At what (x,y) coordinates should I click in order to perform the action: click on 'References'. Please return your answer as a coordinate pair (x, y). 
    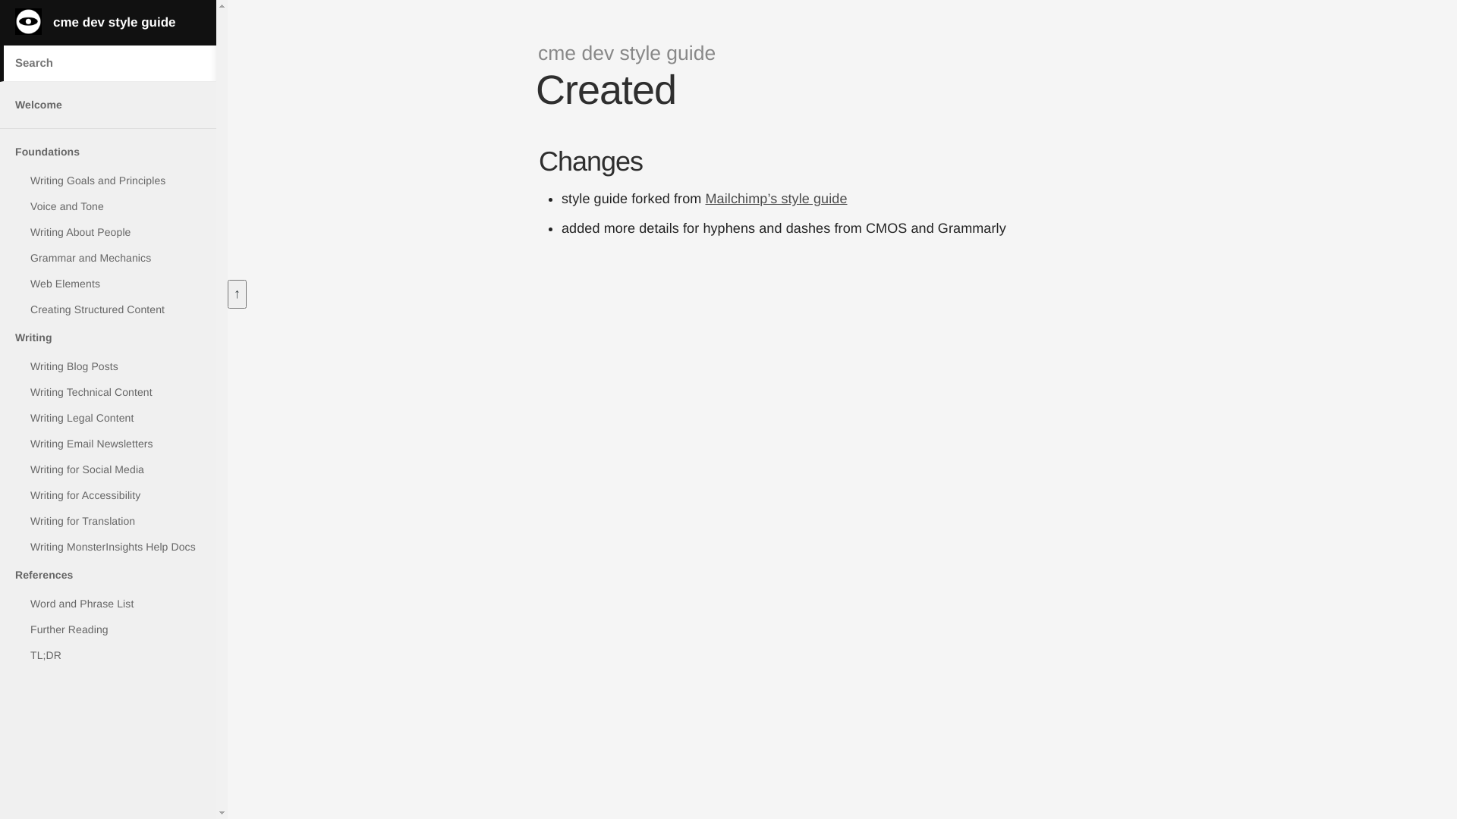
    Looking at the image, I should click on (107, 575).